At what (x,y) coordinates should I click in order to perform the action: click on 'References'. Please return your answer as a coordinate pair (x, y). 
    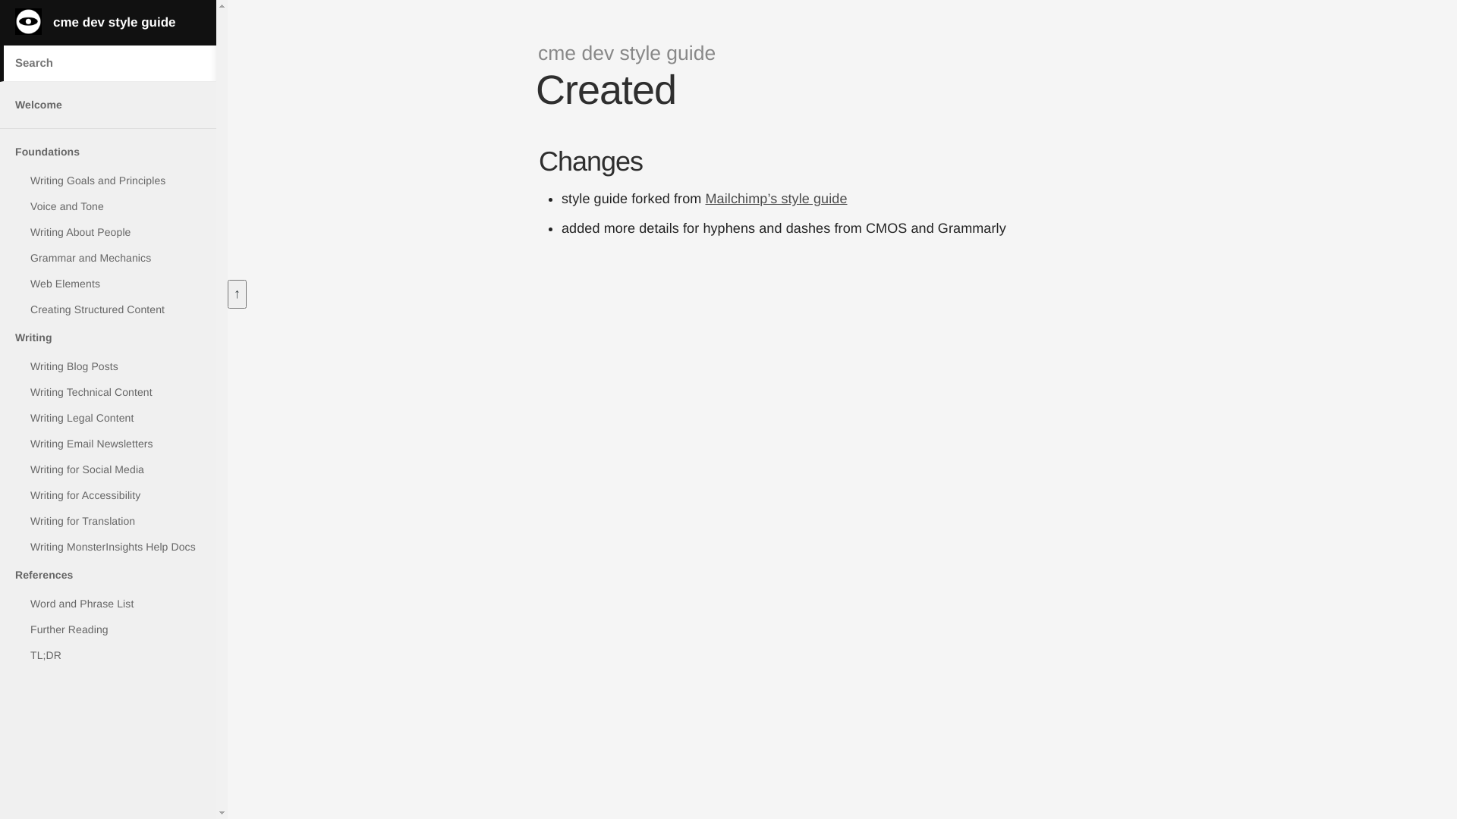
    Looking at the image, I should click on (107, 575).